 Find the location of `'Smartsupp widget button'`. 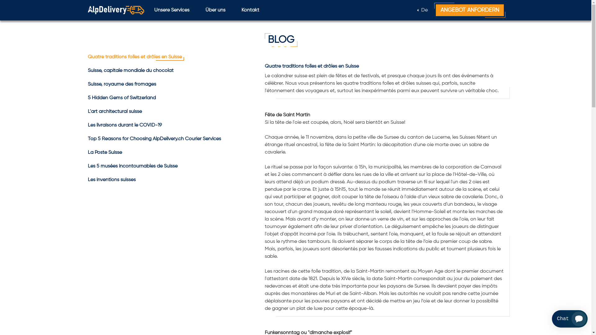

'Smartsupp widget button' is located at coordinates (570, 319).